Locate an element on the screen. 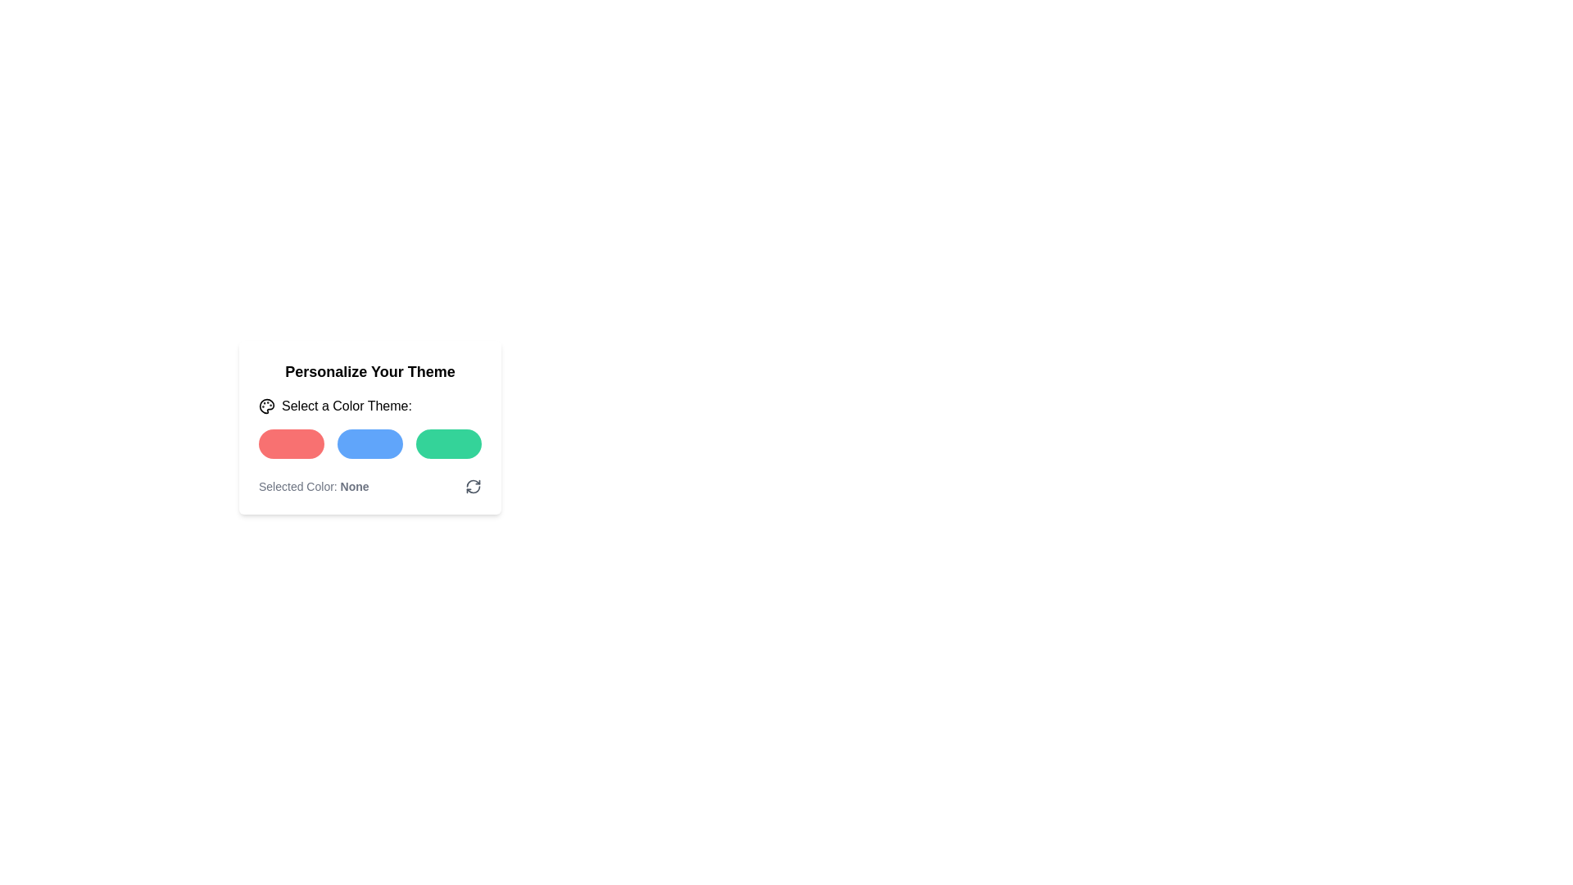 This screenshot has width=1573, height=885. text of the label that says 'Select a Color Theme:' located centrally within the theme card interface is located at coordinates (346, 406).